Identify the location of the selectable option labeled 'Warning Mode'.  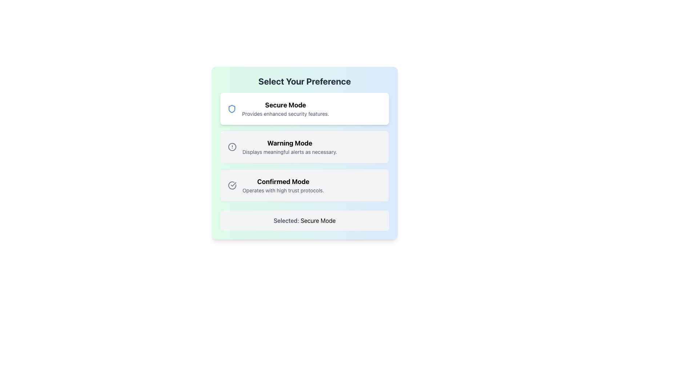
(289, 147).